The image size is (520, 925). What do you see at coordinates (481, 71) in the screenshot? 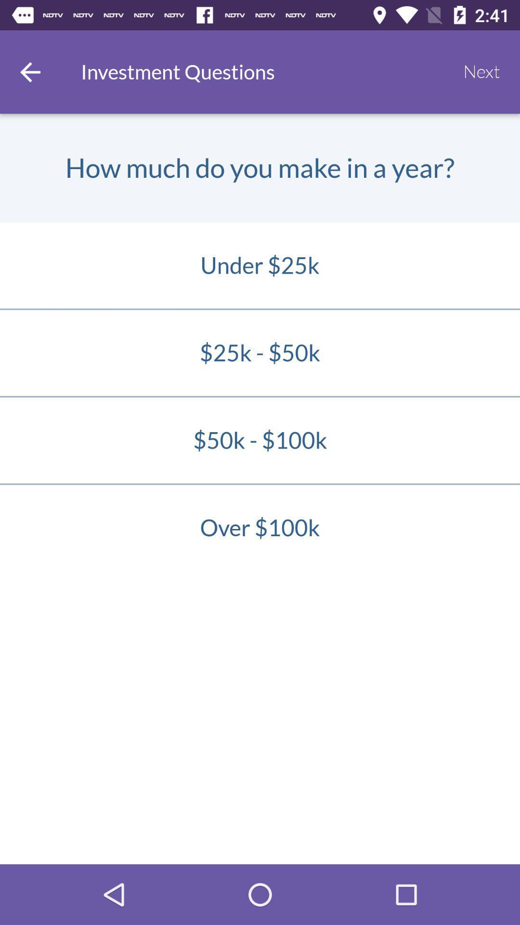
I see `the item next to investment questions` at bounding box center [481, 71].